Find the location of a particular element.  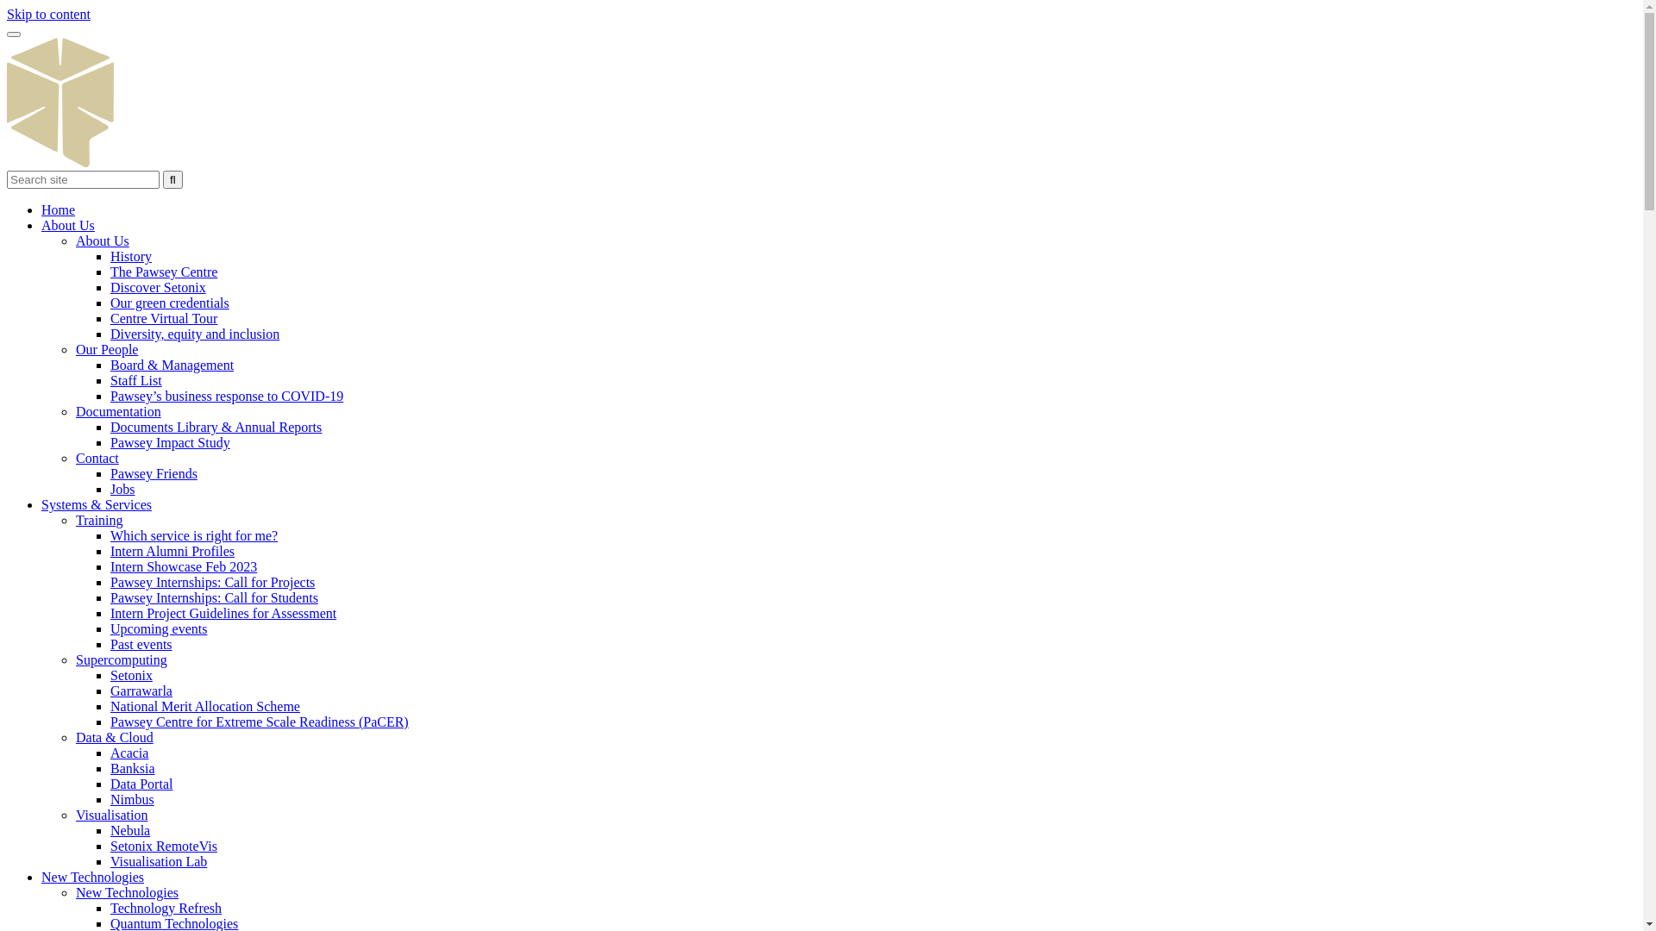

'Pawsey Internships: Call for Students' is located at coordinates (110, 597).